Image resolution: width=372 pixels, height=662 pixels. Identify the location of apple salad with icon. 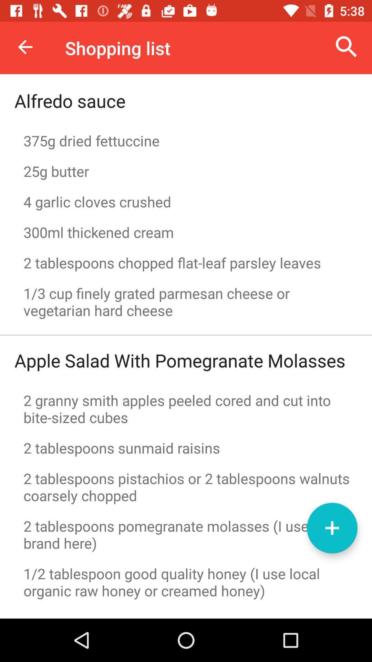
(179, 360).